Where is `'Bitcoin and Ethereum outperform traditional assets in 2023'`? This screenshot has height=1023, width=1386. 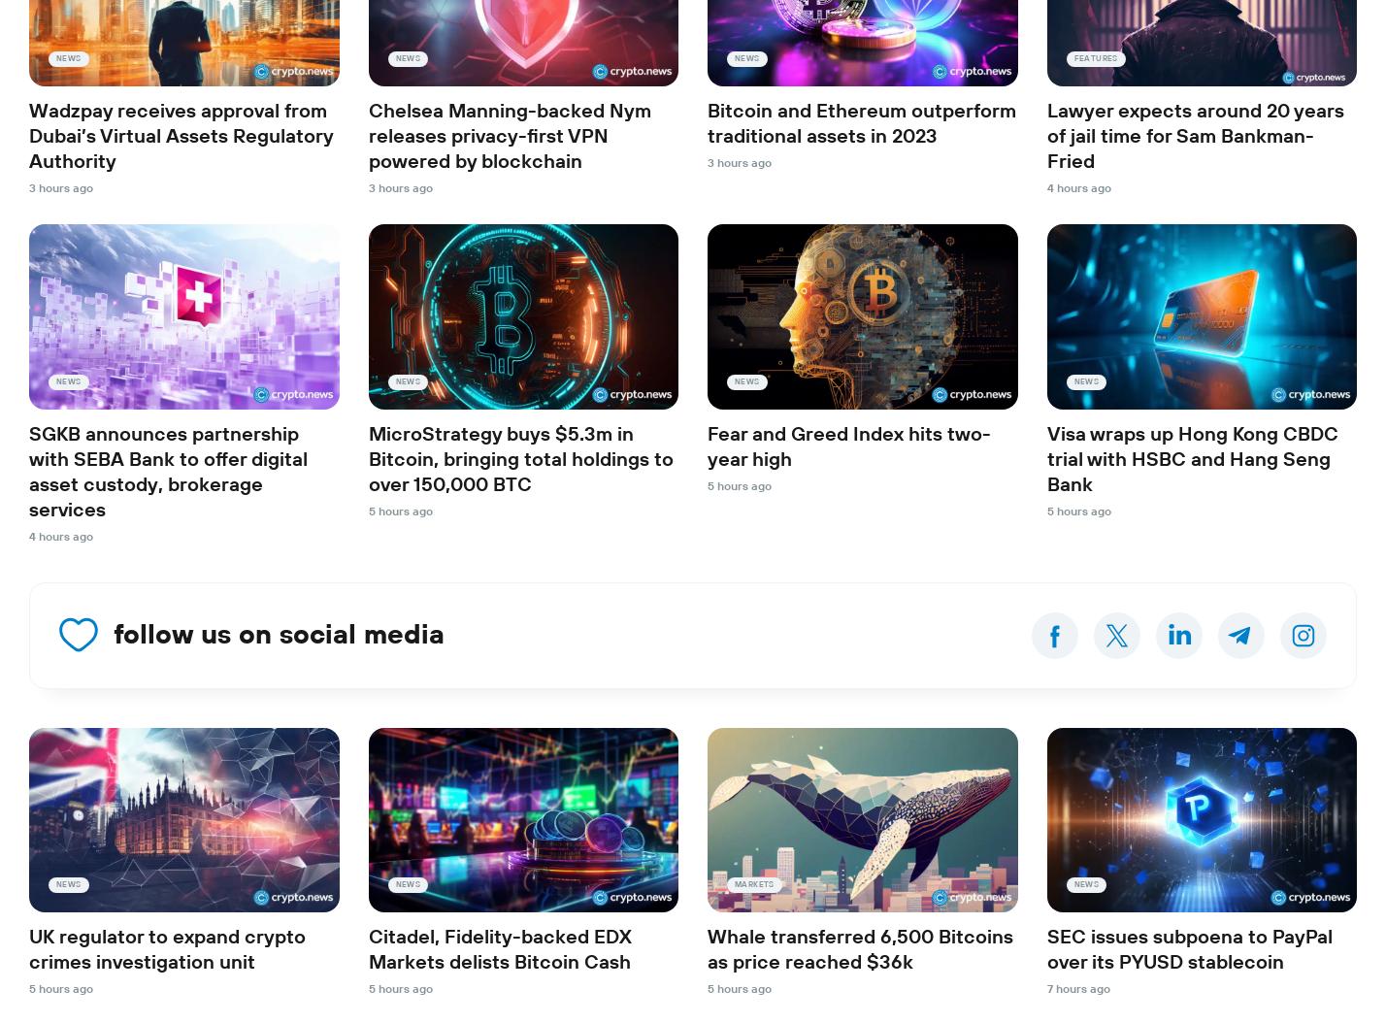 'Bitcoin and Ethereum outperform traditional assets in 2023' is located at coordinates (861, 124).